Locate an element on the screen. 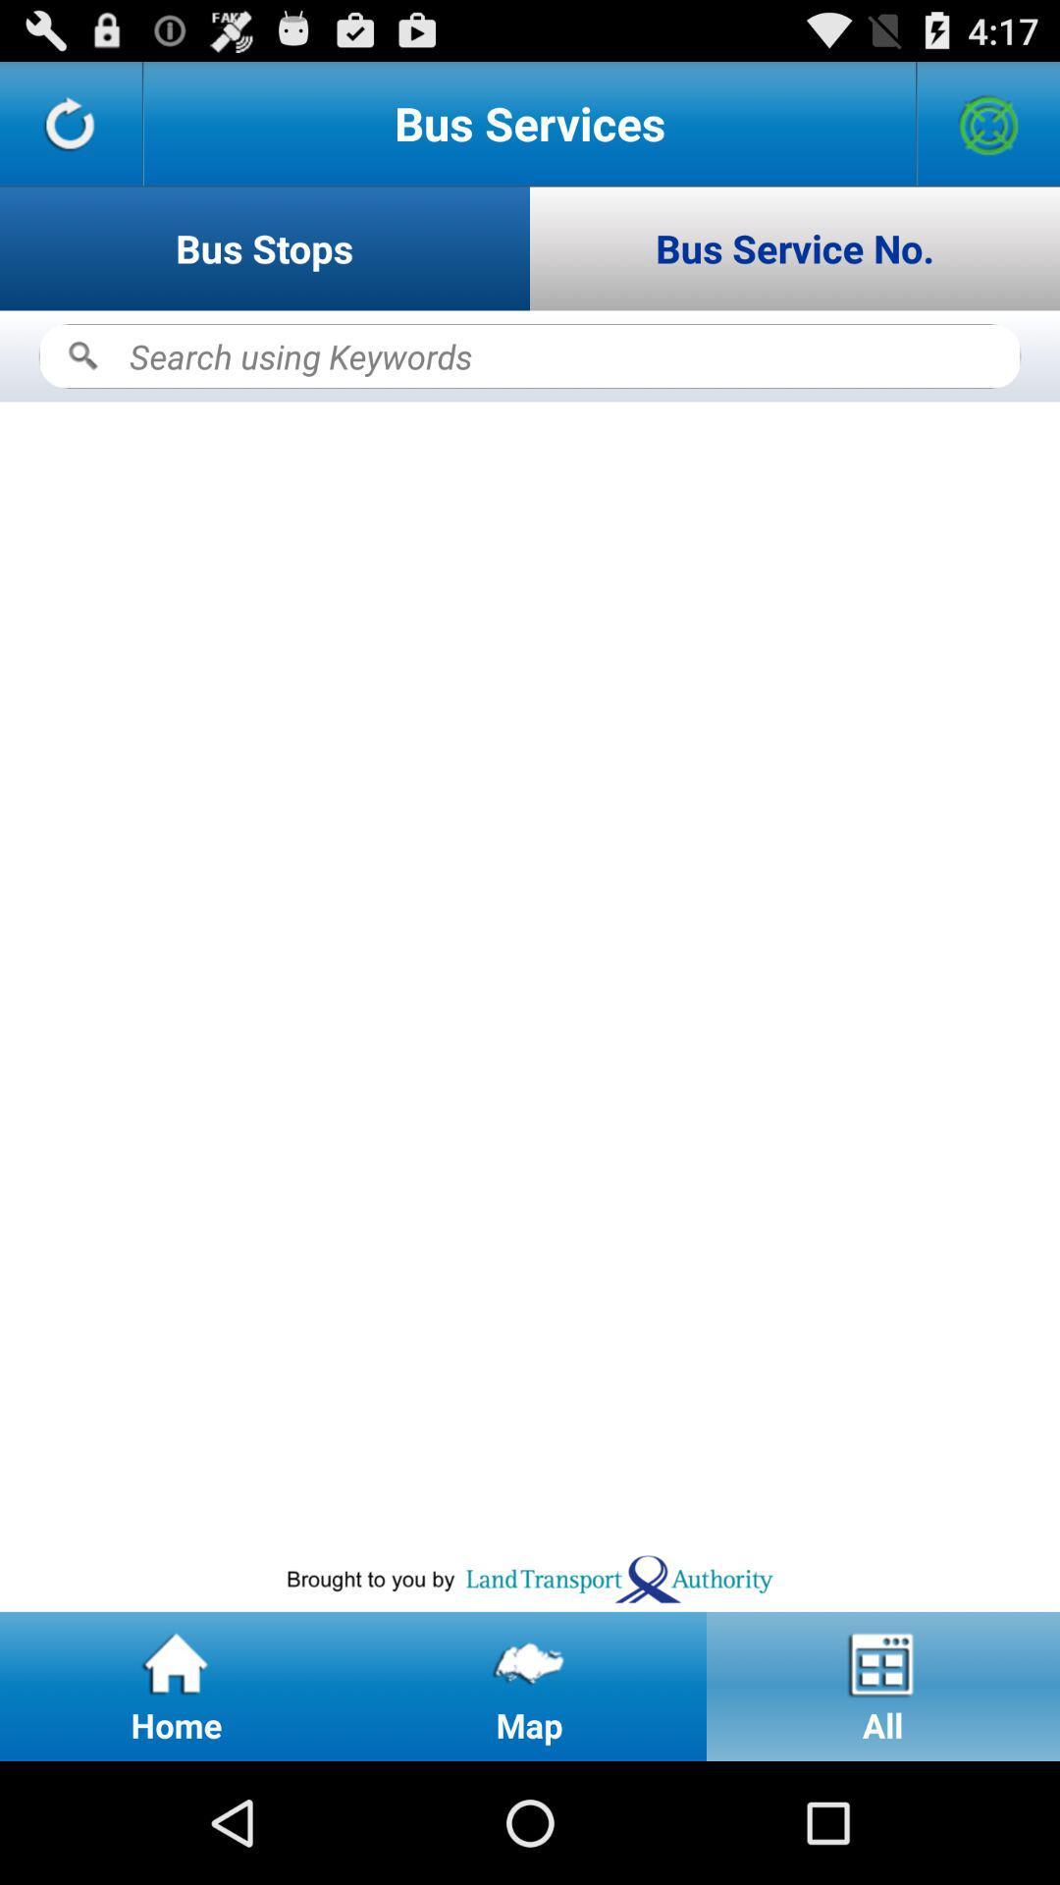 This screenshot has width=1060, height=1885. the location_crosshair icon is located at coordinates (988, 131).